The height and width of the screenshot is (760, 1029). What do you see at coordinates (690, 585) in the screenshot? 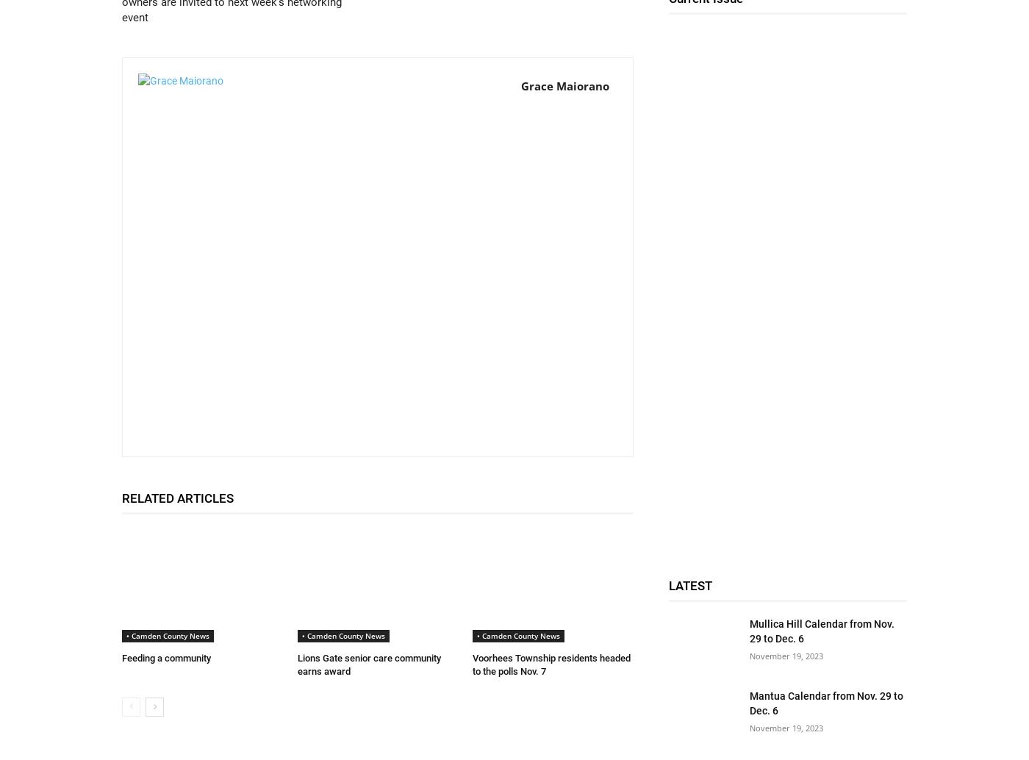
I see `'Latest'` at bounding box center [690, 585].